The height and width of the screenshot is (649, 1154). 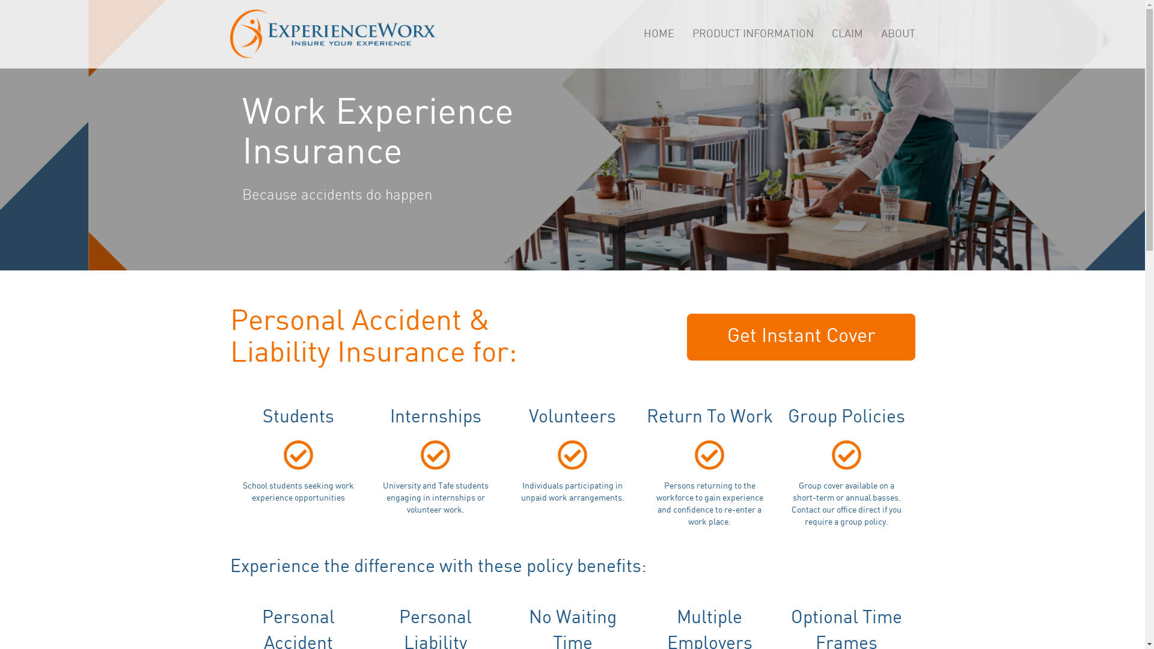 I want to click on 'ABOUT', so click(x=871, y=34).